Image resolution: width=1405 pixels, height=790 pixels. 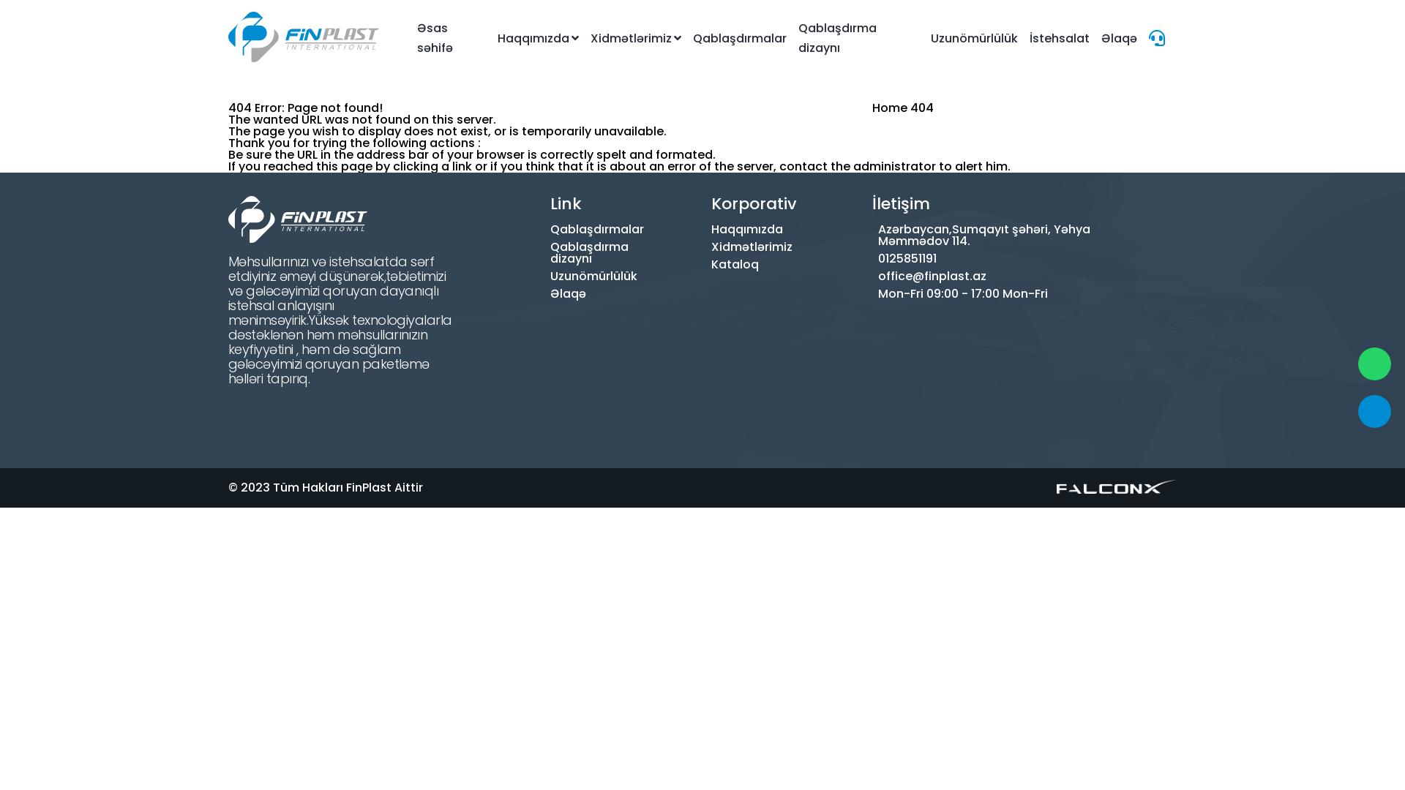 What do you see at coordinates (983, 258) in the screenshot?
I see `'0125851191'` at bounding box center [983, 258].